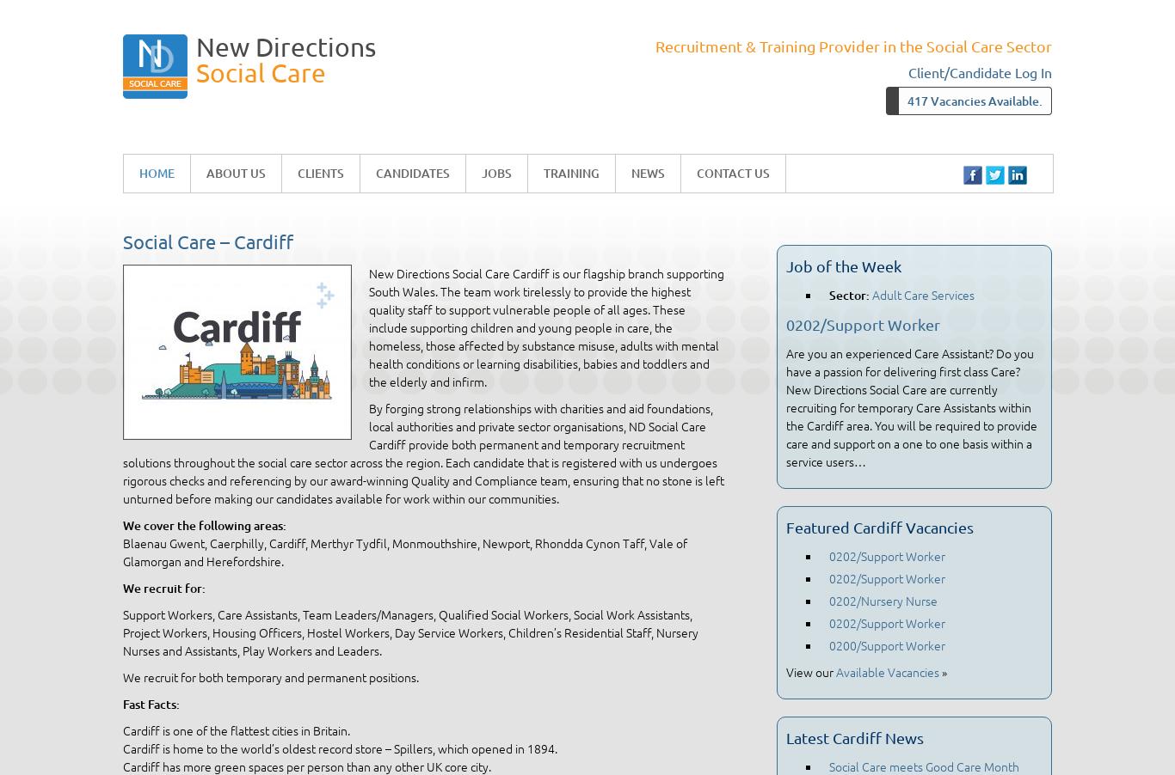 This screenshot has width=1175, height=775. What do you see at coordinates (810, 671) in the screenshot?
I see `'View our'` at bounding box center [810, 671].